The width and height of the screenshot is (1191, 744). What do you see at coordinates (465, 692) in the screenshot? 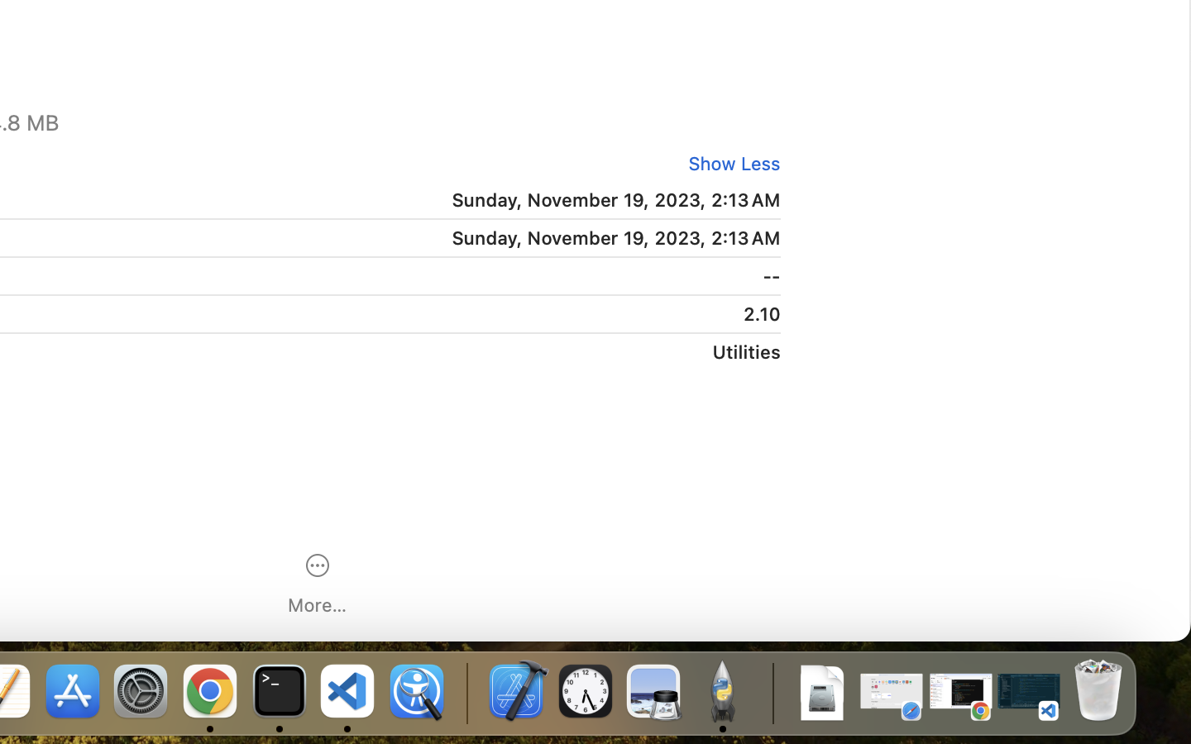
I see `'0.4285714328289032'` at bounding box center [465, 692].